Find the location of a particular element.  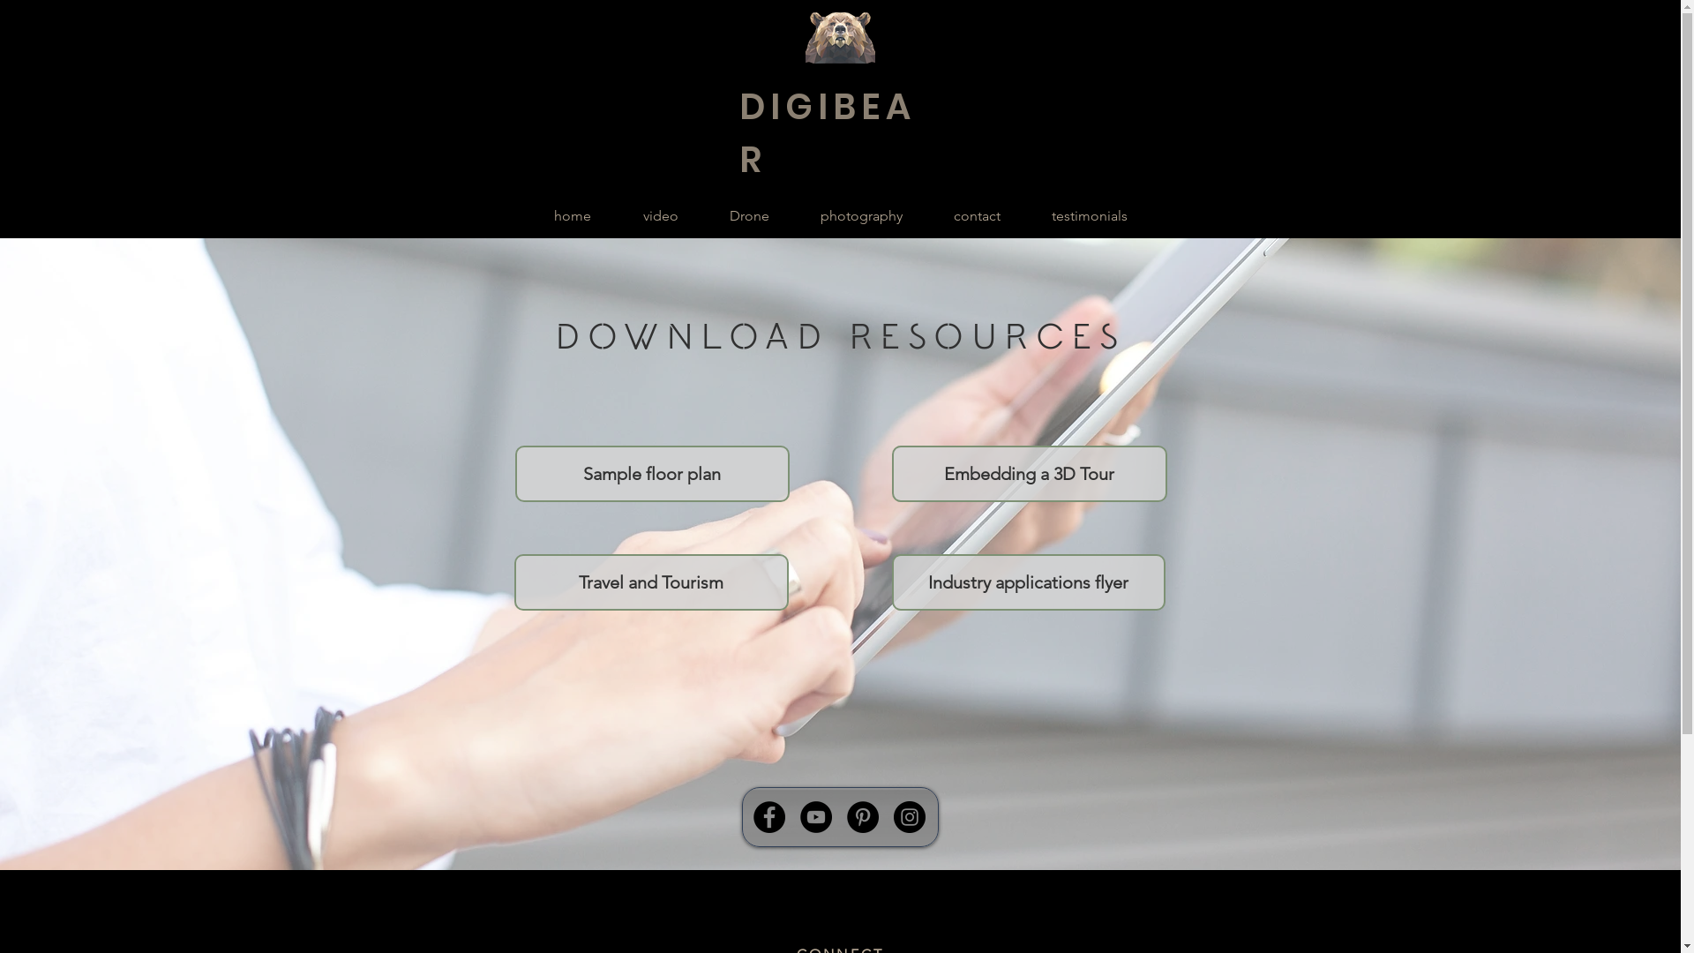

'Embedding a 3D Tour' is located at coordinates (1029, 472).